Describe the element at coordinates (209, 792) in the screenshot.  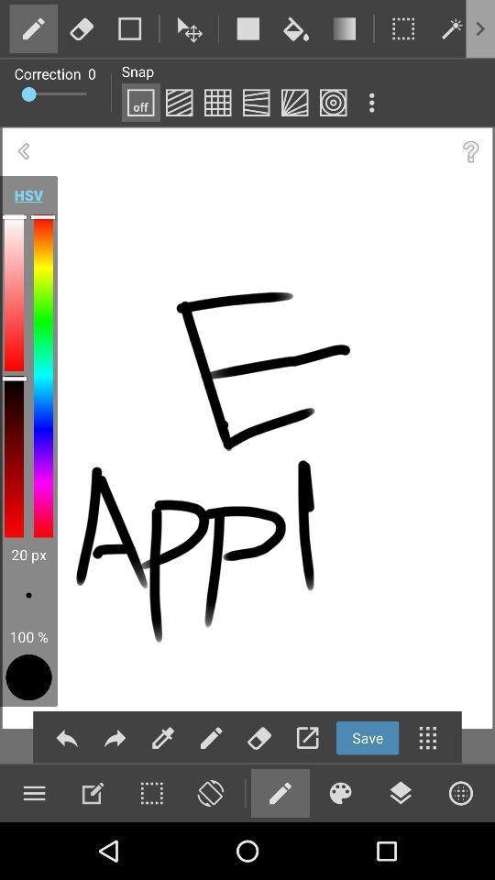
I see `eraser button` at that location.